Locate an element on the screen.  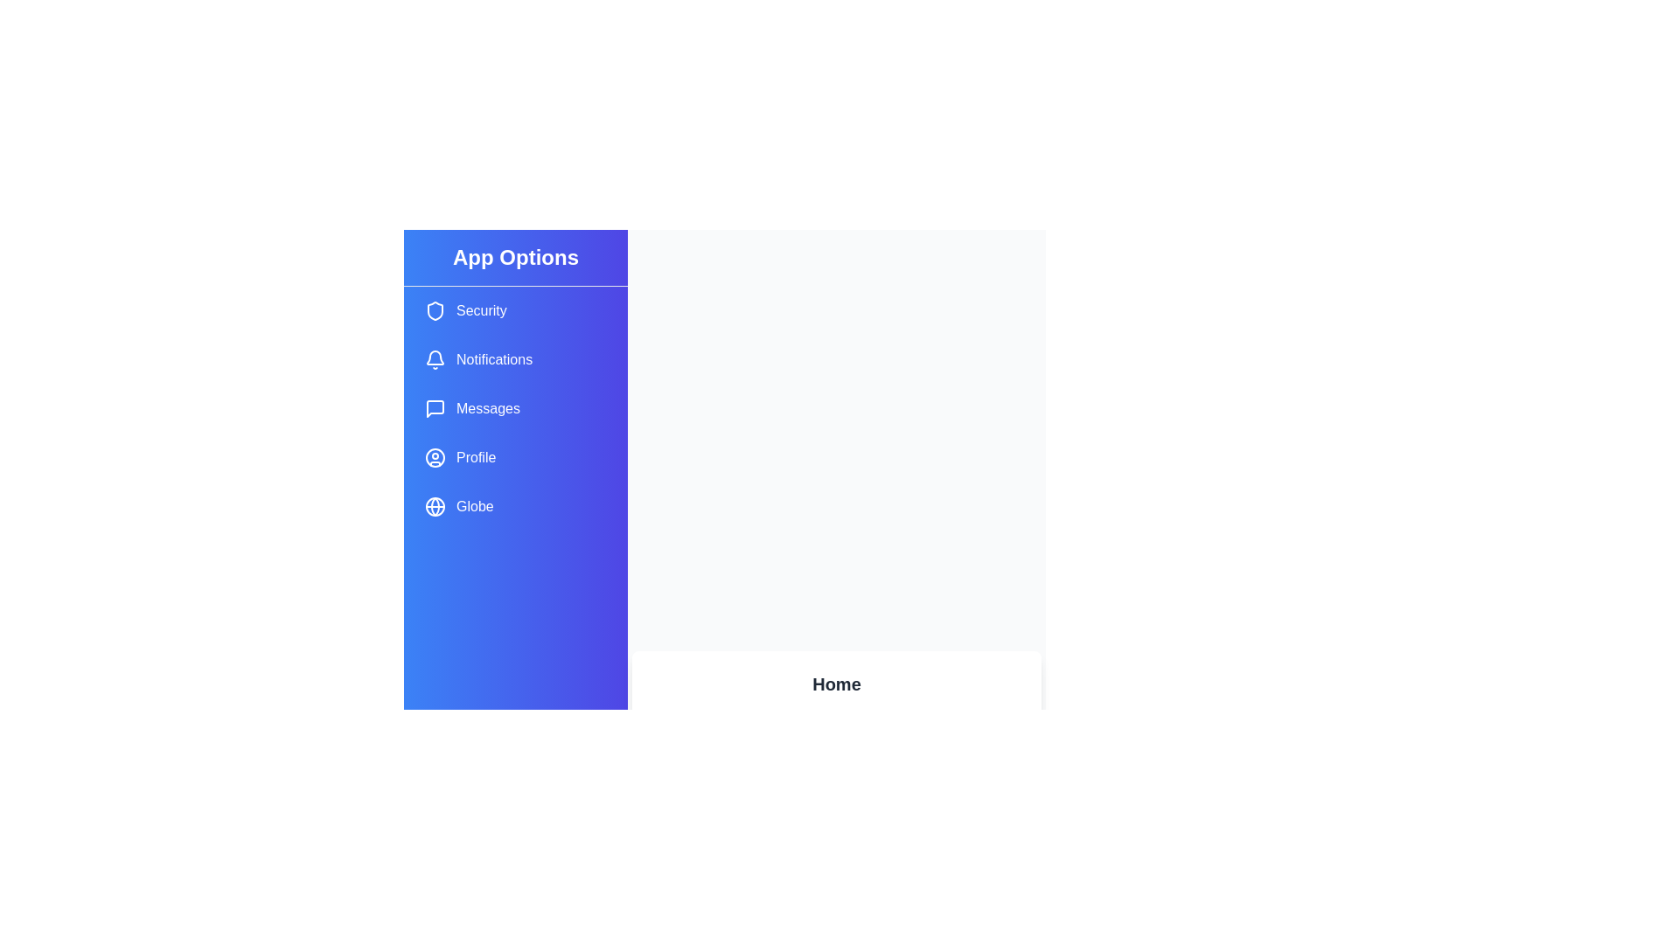
the sidebar item labeled Notifications to see the visual change is located at coordinates (515, 359).